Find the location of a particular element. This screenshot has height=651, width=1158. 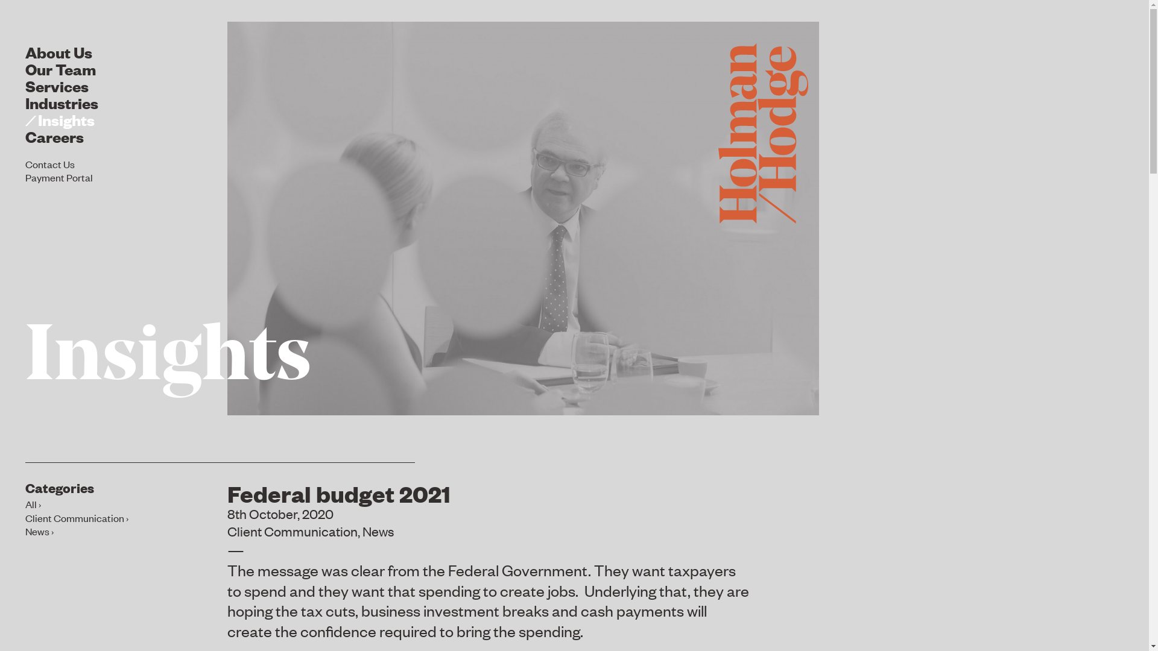

'Services' is located at coordinates (56, 84).